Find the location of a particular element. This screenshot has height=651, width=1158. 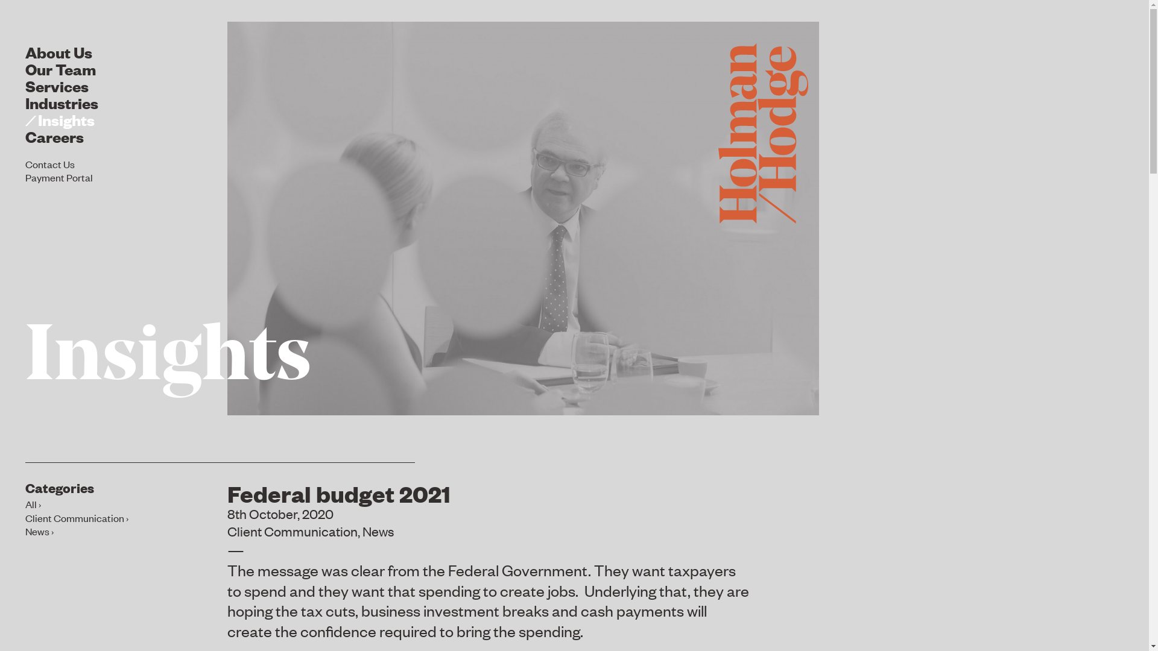

'Services' is located at coordinates (56, 84).